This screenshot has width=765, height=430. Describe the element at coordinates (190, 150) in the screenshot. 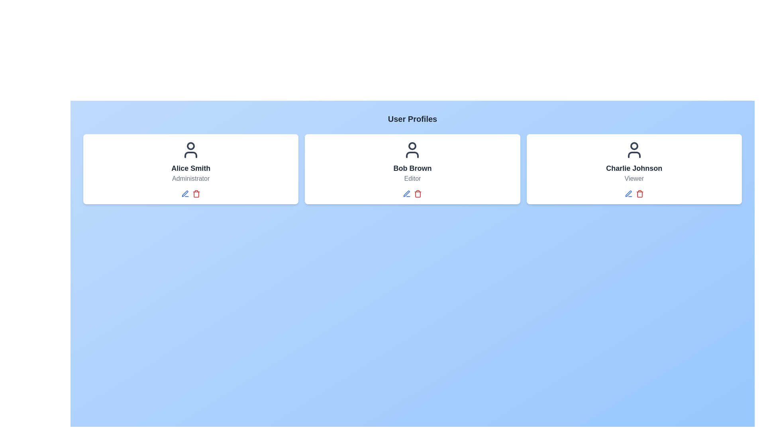

I see `the user silhouette SVG icon located at the upper center of the card for 'Alice Smith', which is styled in gray and positioned above the text labels 'Alice Smith' and 'Administrator'` at that location.